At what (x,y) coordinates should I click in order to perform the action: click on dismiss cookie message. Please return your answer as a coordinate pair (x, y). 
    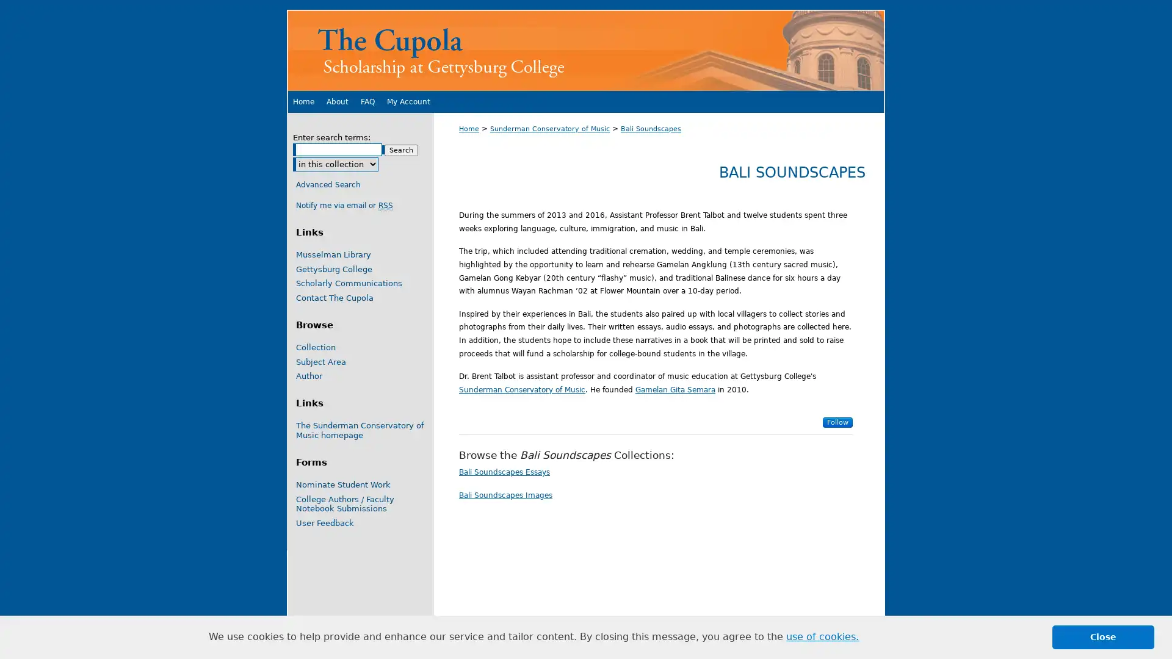
    Looking at the image, I should click on (1103, 636).